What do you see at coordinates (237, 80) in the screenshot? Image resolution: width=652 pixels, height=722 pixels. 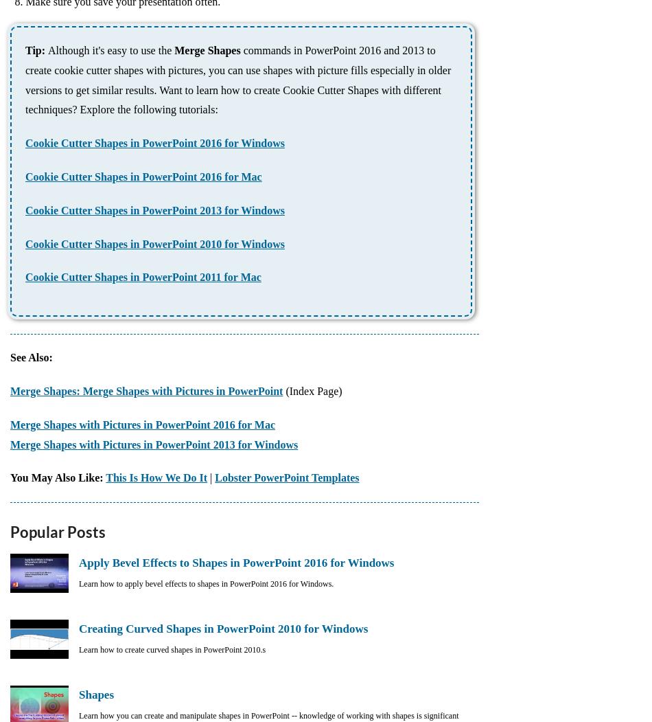 I see `'commands in PowerPoint 2016 and 2013 to create cookie cutter shapes with pictures,
you can use shapes with picture fills especially in older versions to get similar results. Want to learn how to create Cookie Cutter Shapes with different techniques?
Explore the following tutorials:'` at bounding box center [237, 80].